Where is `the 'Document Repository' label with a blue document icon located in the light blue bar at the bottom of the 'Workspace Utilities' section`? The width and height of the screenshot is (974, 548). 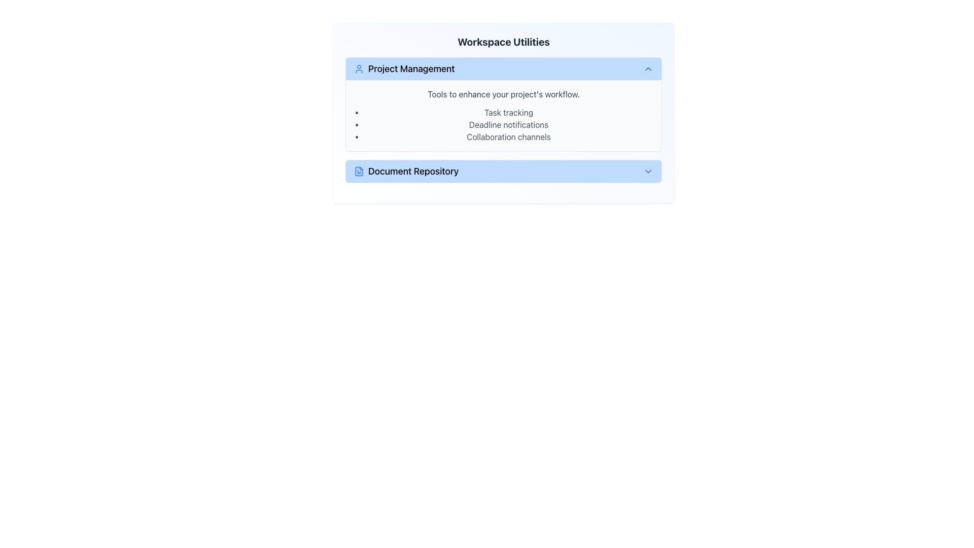 the 'Document Repository' label with a blue document icon located in the light blue bar at the bottom of the 'Workspace Utilities' section is located at coordinates (406, 171).